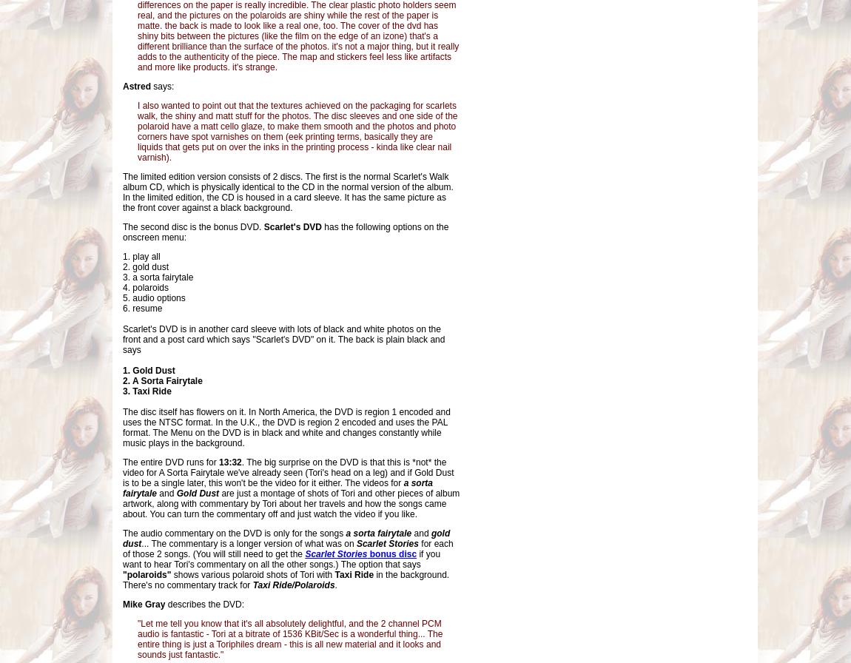 This screenshot has height=663, width=851. Describe the element at coordinates (121, 257) in the screenshot. I see `'1. play all'` at that location.